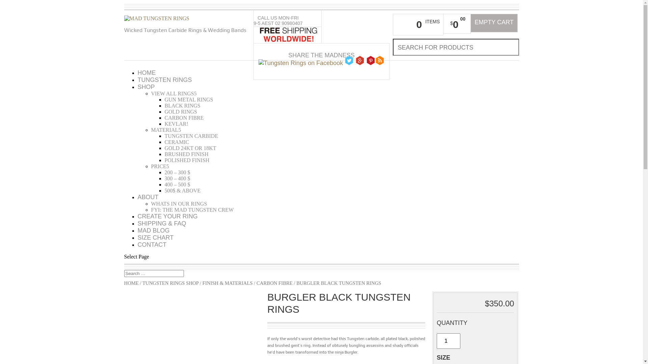 The width and height of the screenshot is (648, 364). I want to click on 'FINISH & MATERIALS', so click(227, 283).